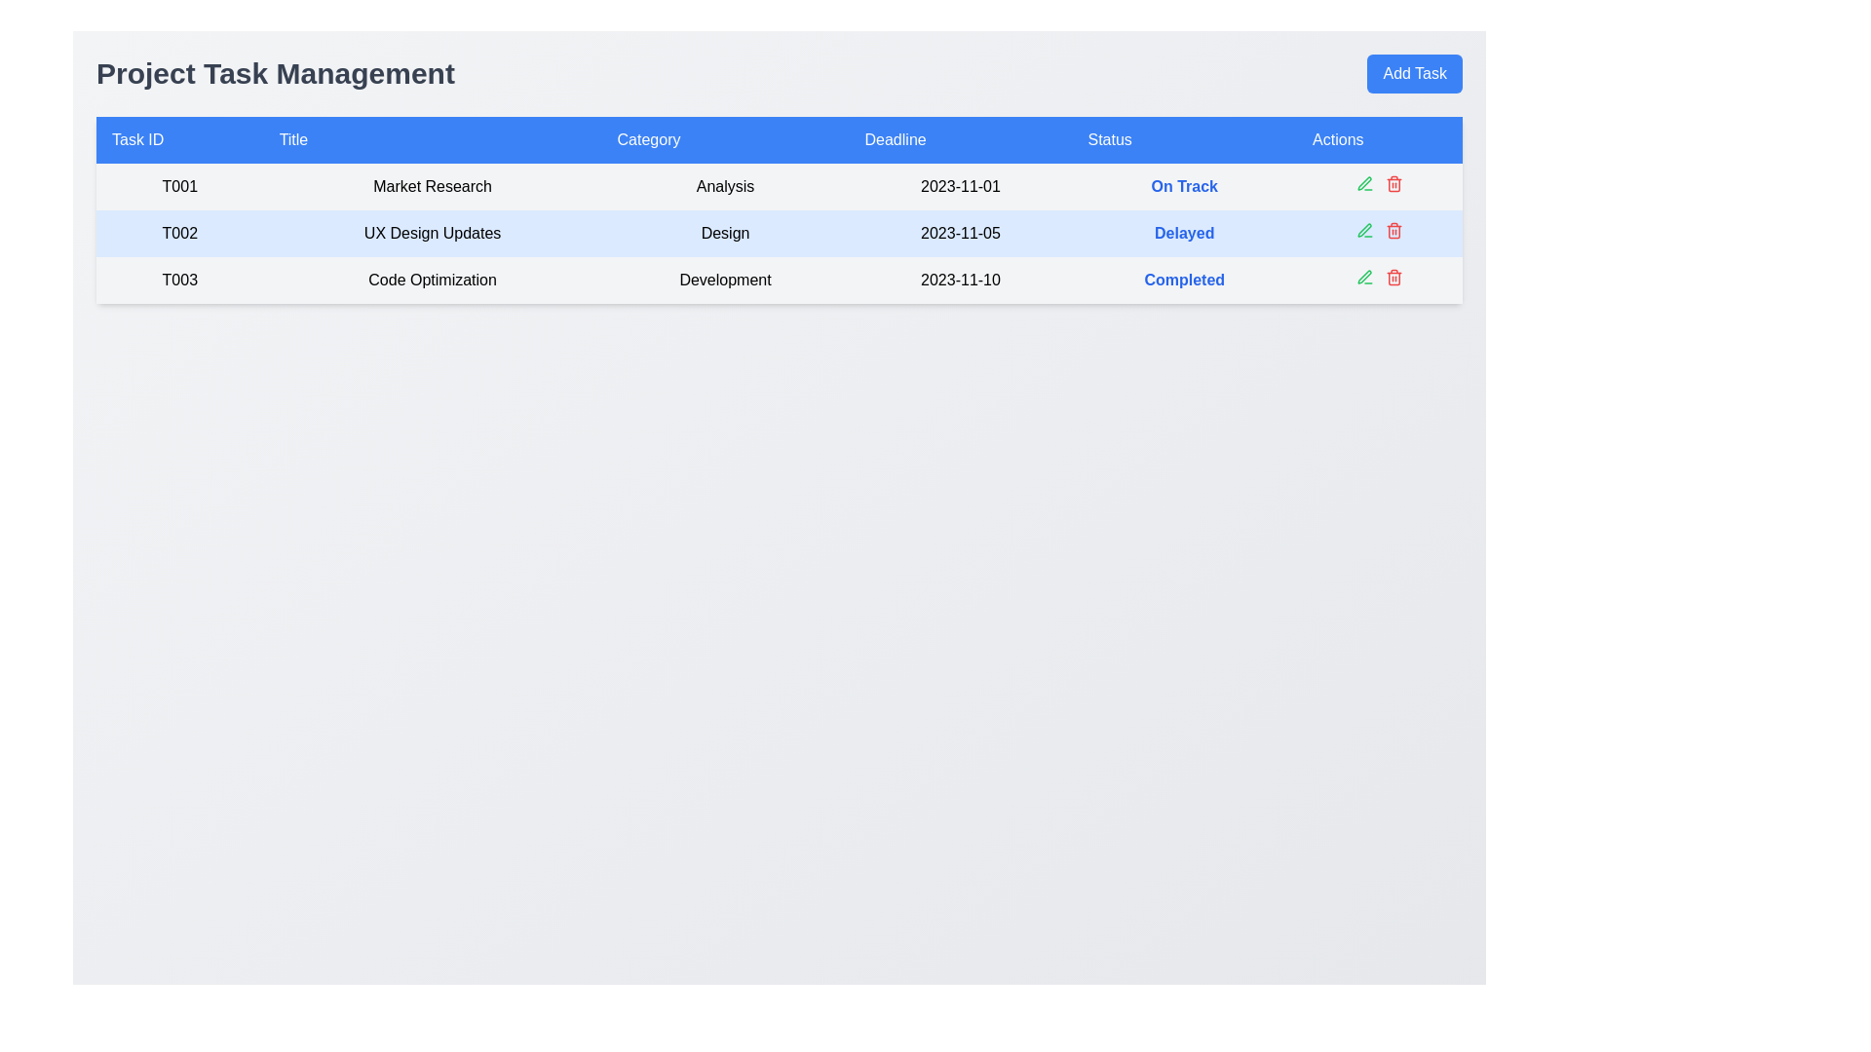  What do you see at coordinates (1183, 187) in the screenshot?
I see `the static label indicating the status 'On Track' for task 'T001' located in the 'Status' column, between the 'Deadline' cell and the 'Actions' cell` at bounding box center [1183, 187].